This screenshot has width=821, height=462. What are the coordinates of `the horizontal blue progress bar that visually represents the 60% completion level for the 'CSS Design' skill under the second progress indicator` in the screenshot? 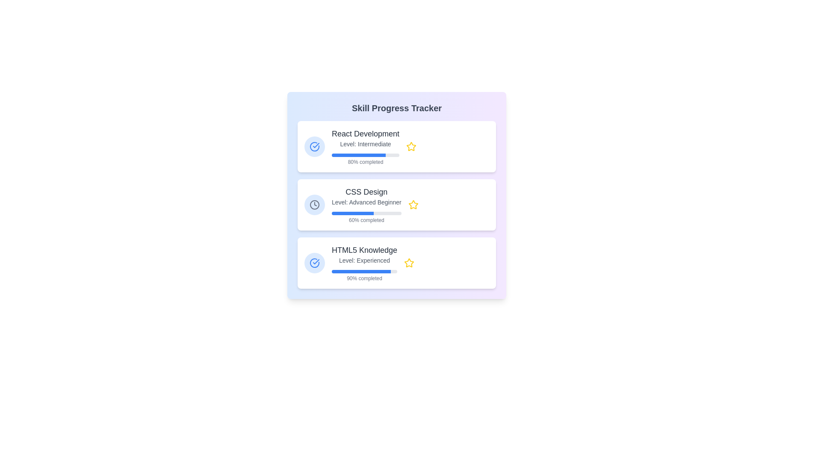 It's located at (352, 213).